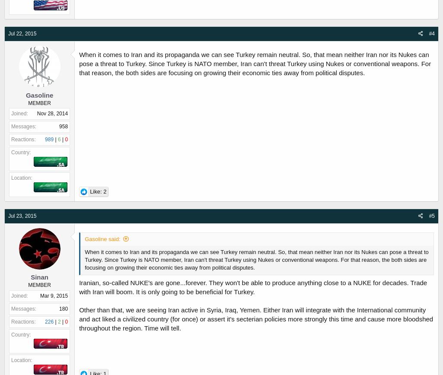 This screenshot has width=443, height=375. Describe the element at coordinates (52, 114) in the screenshot. I see `'Nov 28, 2014'` at that location.